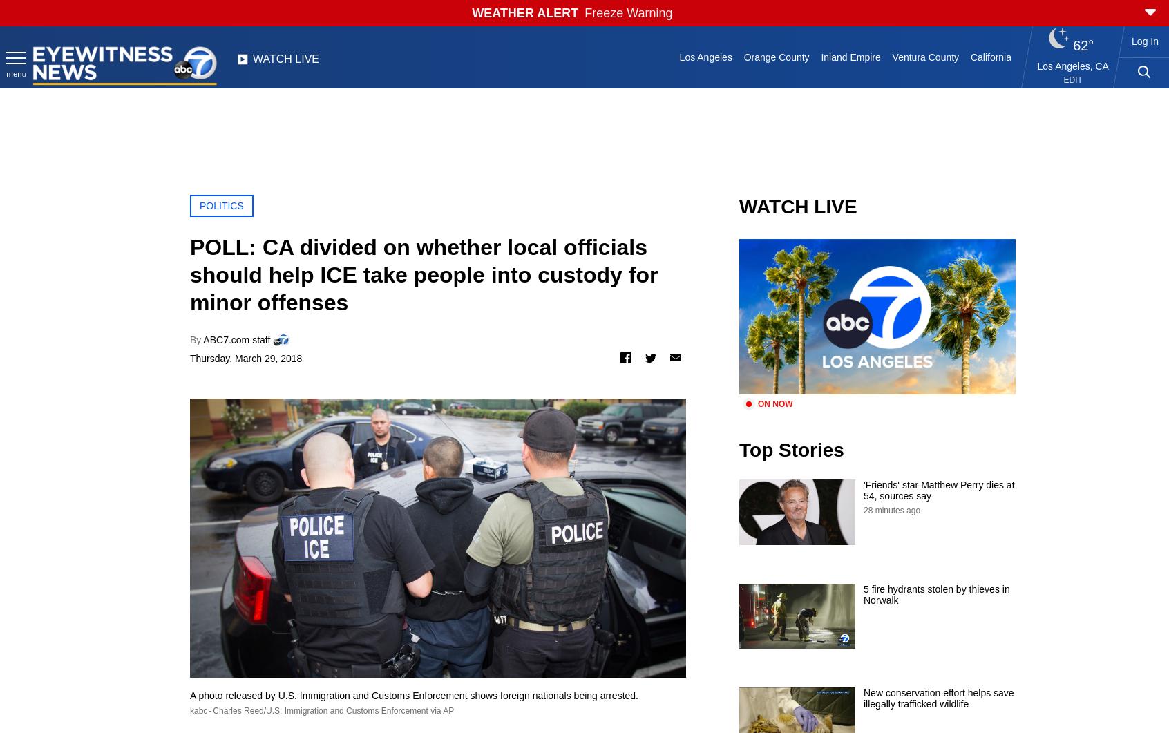  What do you see at coordinates (1072, 66) in the screenshot?
I see `'Los Angeles, CA'` at bounding box center [1072, 66].